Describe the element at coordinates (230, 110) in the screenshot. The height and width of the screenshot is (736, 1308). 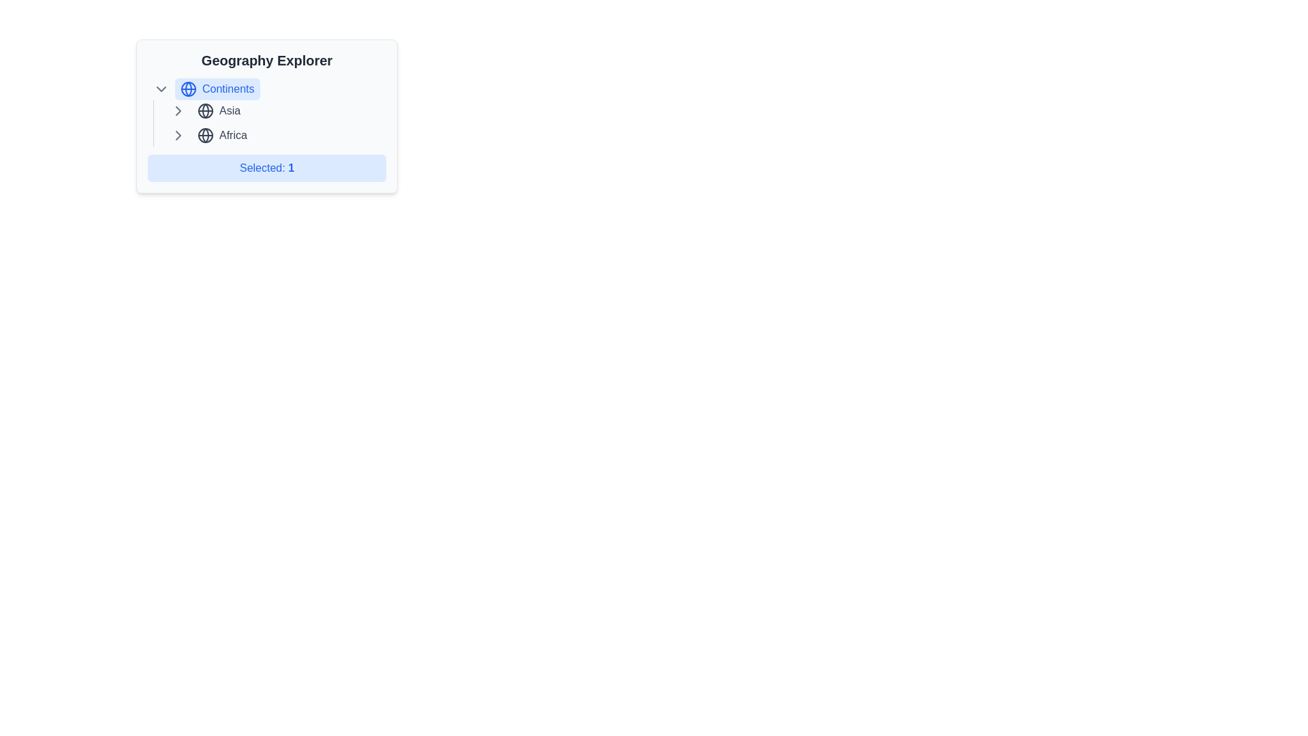
I see `the selectable label for the geographical region 'Asia'` at that location.